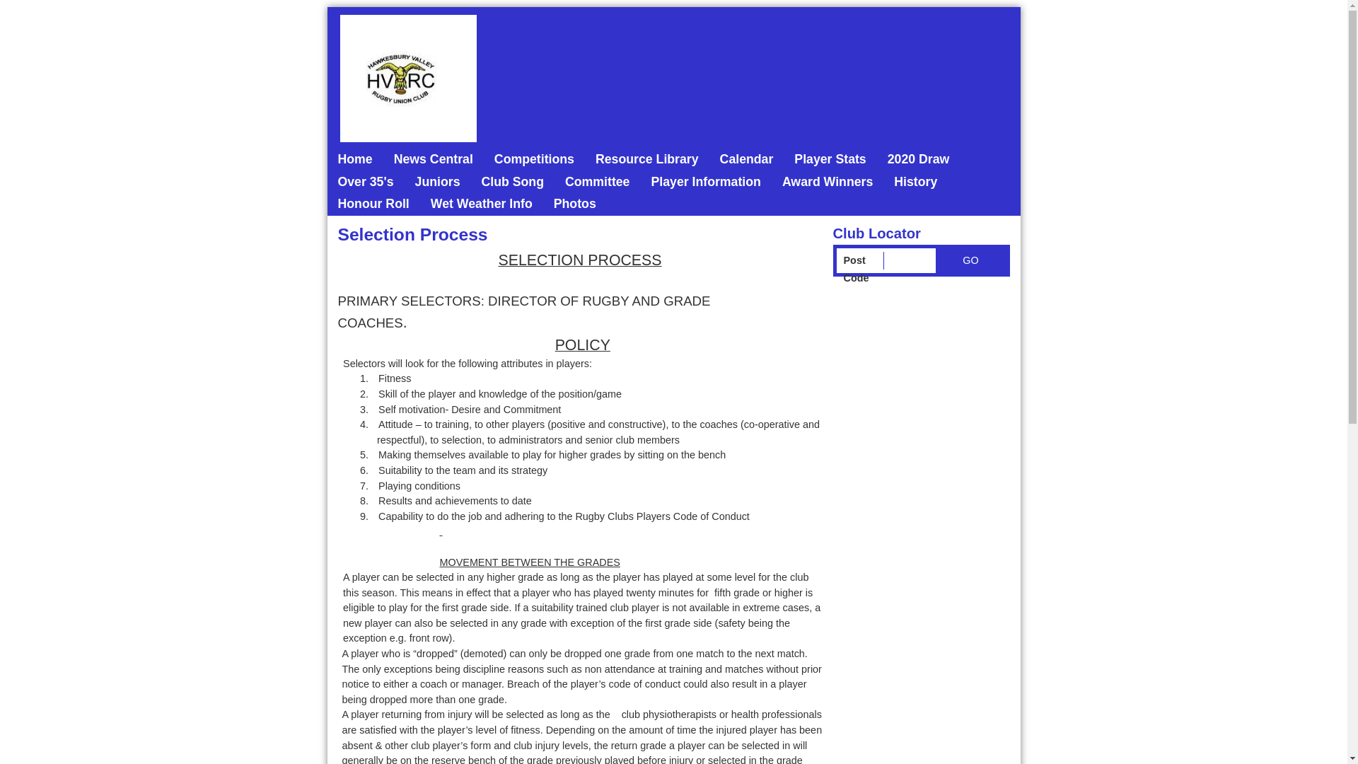  I want to click on 'Go', so click(970, 260).